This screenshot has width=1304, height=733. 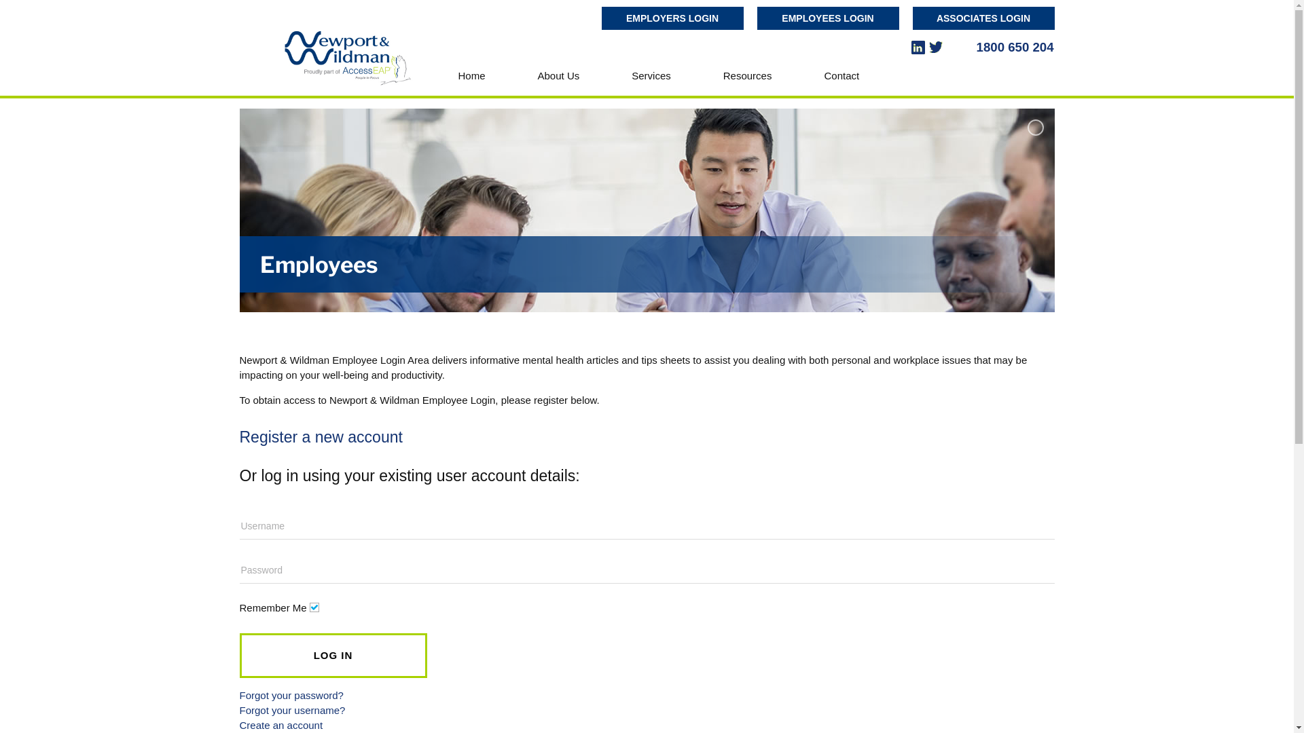 What do you see at coordinates (472, 75) in the screenshot?
I see `'Home'` at bounding box center [472, 75].